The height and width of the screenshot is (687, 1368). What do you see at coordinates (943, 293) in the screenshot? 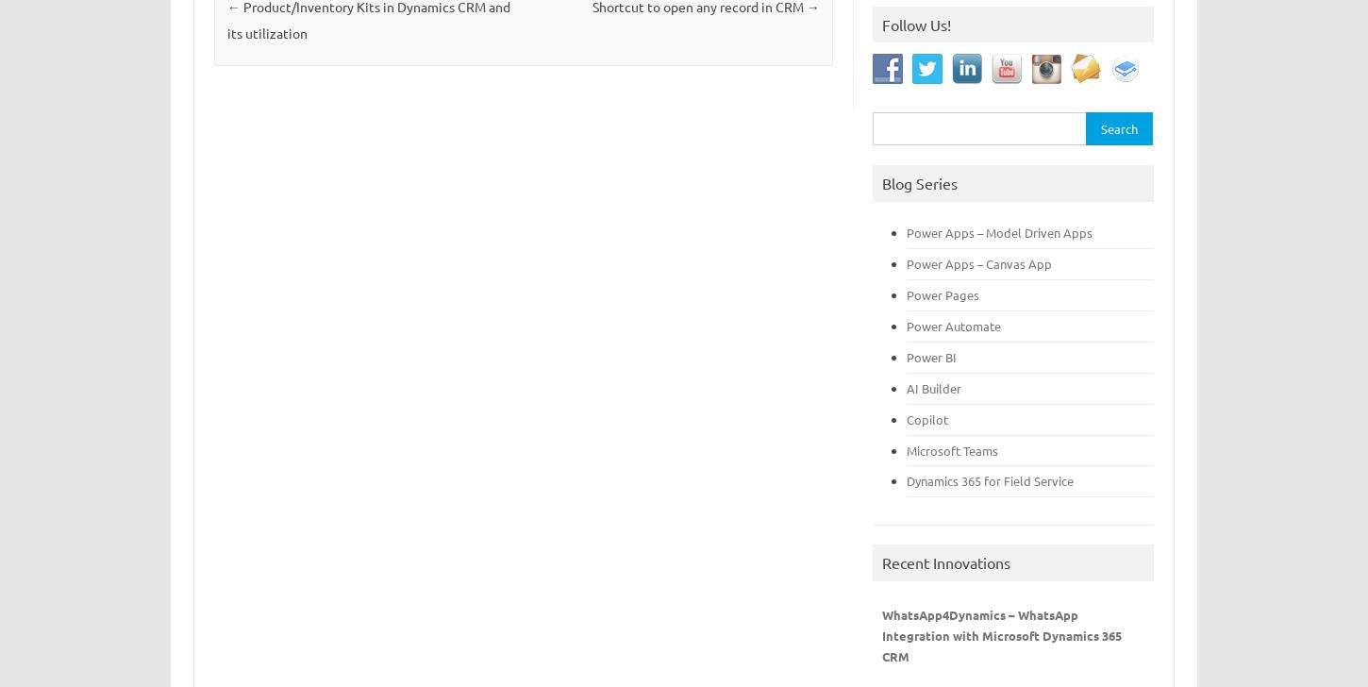
I see `'Power Pages'` at bounding box center [943, 293].